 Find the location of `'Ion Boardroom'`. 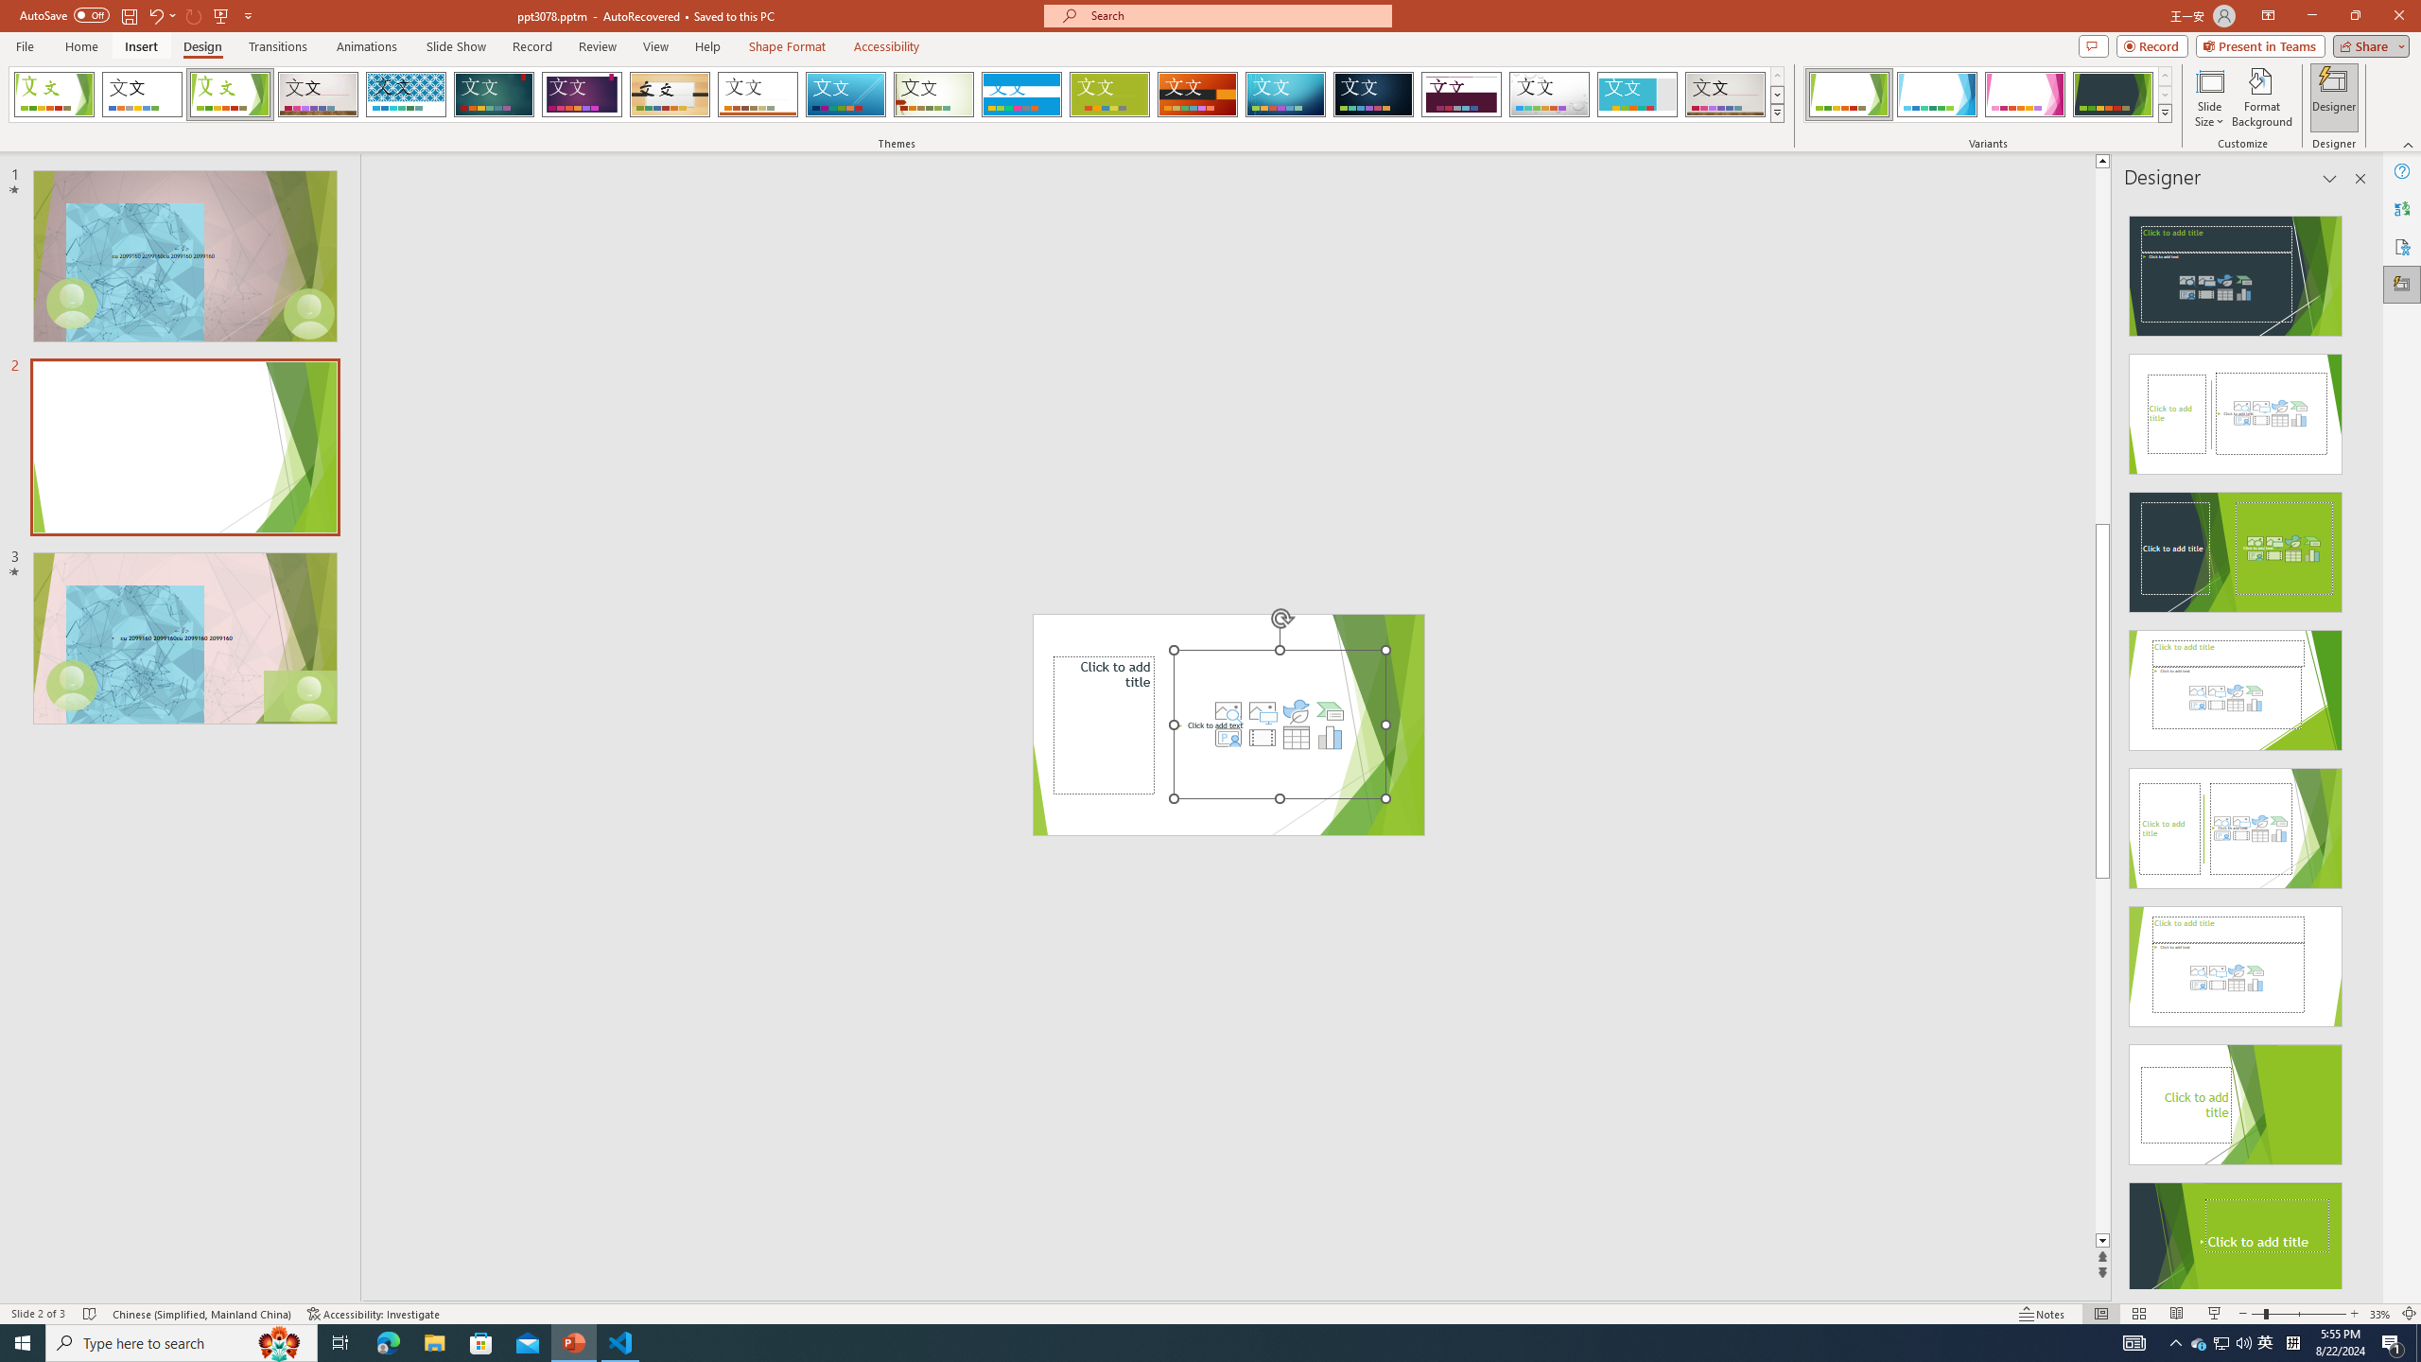

'Ion Boardroom' is located at coordinates (582, 94).